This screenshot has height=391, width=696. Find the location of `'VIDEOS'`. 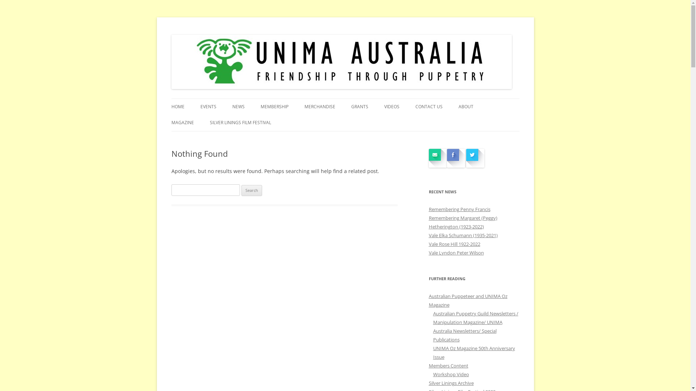

'VIDEOS' is located at coordinates (384, 106).